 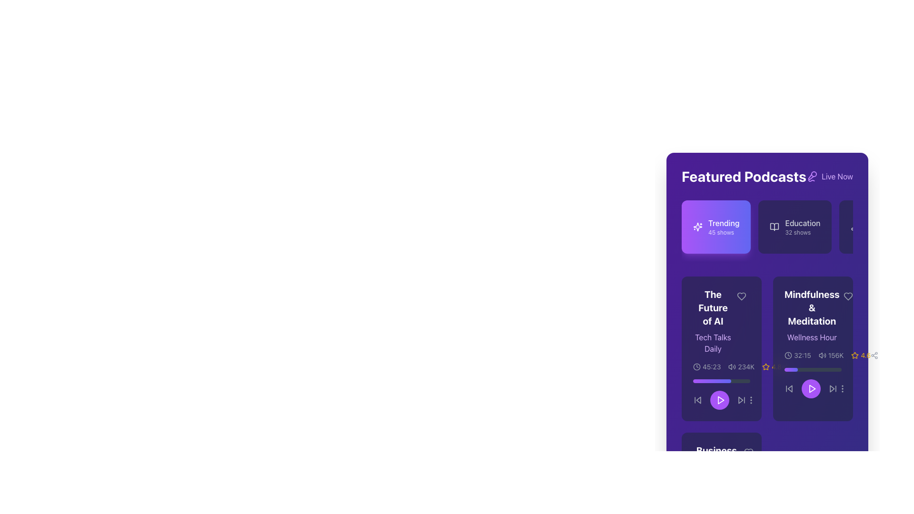 What do you see at coordinates (795, 227) in the screenshot?
I see `the 'Education' button, which features a dark gray background, an open book icon, and the text 'Education' in bold with a subtitle '32 shows' below it` at bounding box center [795, 227].